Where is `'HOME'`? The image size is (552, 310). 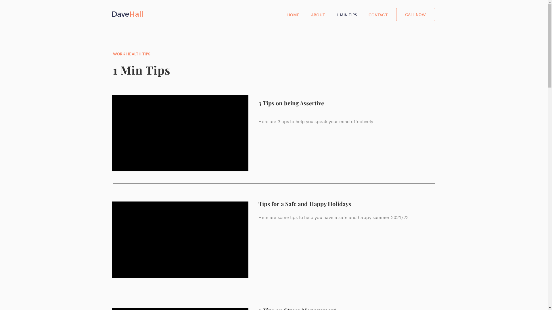 'HOME' is located at coordinates (293, 14).